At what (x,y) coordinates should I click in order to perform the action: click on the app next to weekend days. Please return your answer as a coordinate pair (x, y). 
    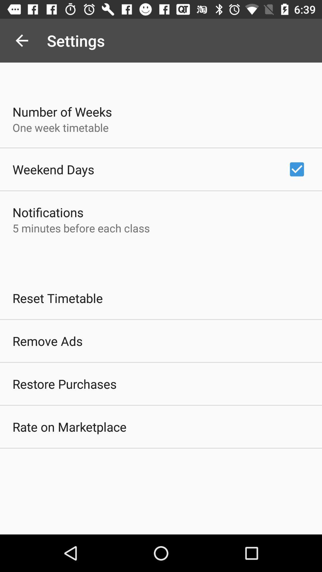
    Looking at the image, I should click on (297, 169).